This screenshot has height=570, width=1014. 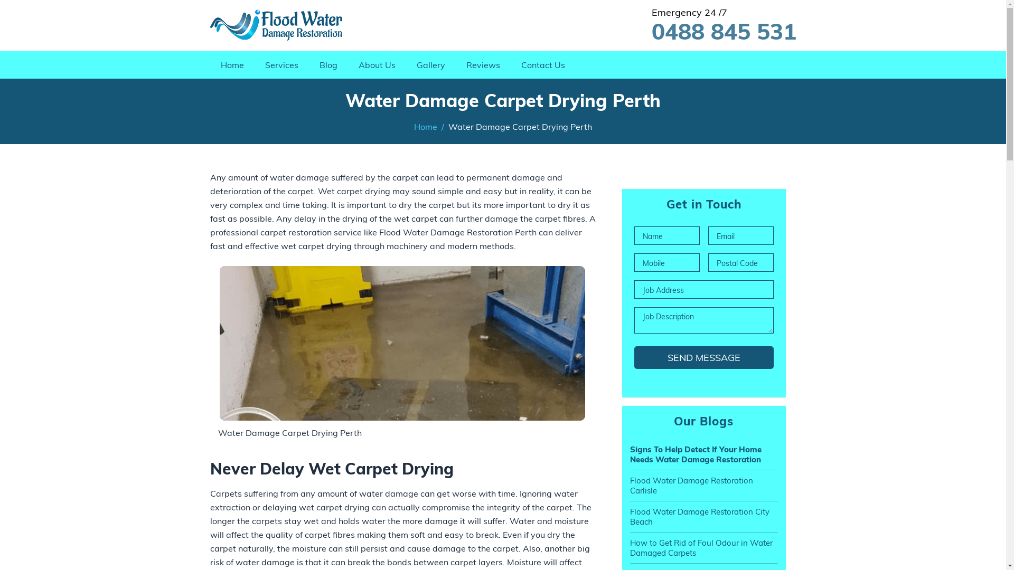 I want to click on 'Flood Water Damage Restoration City Beach', so click(x=703, y=516).